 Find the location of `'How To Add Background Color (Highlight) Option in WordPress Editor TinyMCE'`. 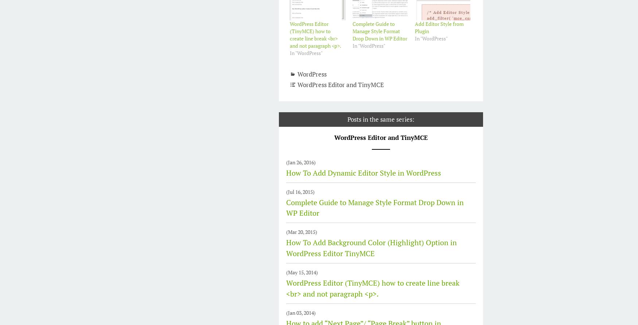

'How To Add Background Color (Highlight) Option in WordPress Editor TinyMCE' is located at coordinates (371, 248).